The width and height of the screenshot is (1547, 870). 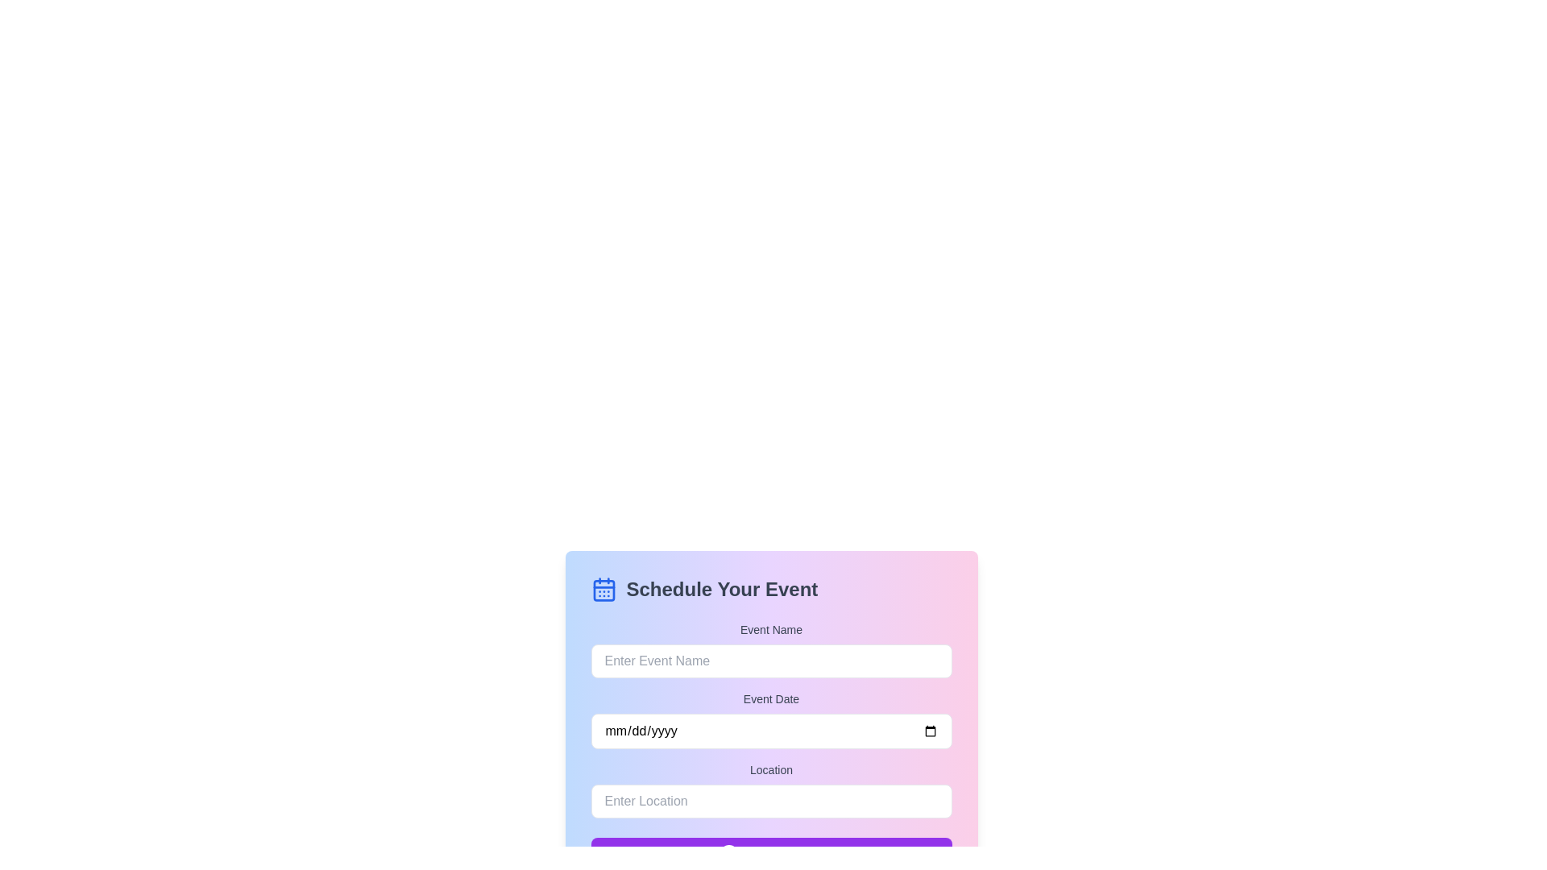 What do you see at coordinates (728, 853) in the screenshot?
I see `the circular outline of the SVG icon located at the bottom-center of the form panel, beneath the purple button` at bounding box center [728, 853].